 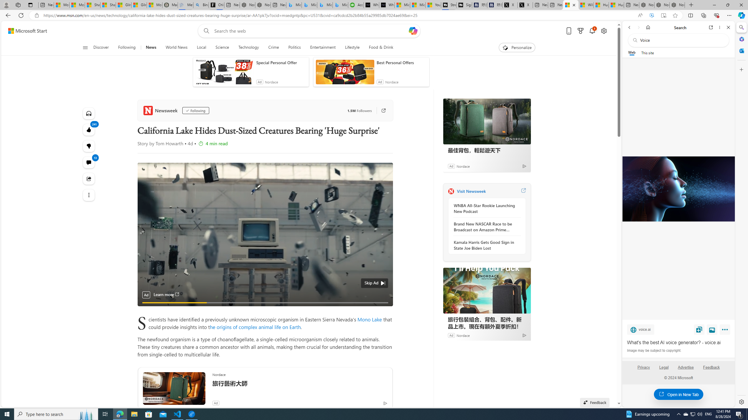 What do you see at coordinates (699, 329) in the screenshot?
I see `'Save'` at bounding box center [699, 329].